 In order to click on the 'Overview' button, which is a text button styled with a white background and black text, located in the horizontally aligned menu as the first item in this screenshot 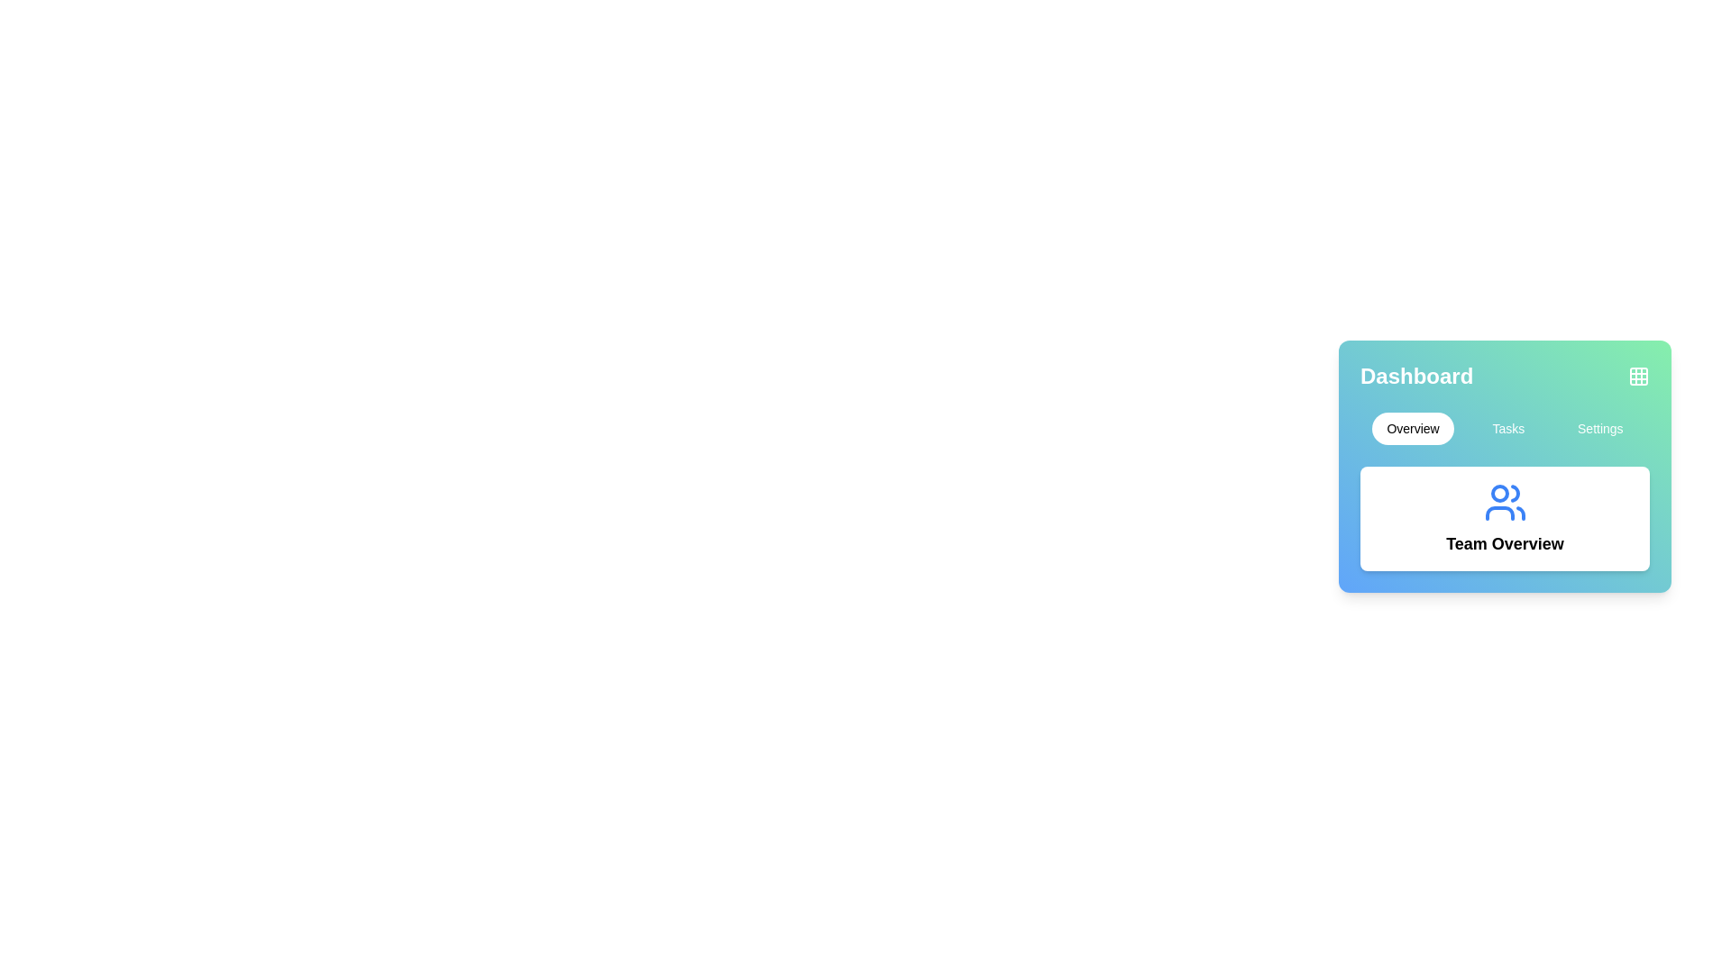, I will do `click(1411, 428)`.